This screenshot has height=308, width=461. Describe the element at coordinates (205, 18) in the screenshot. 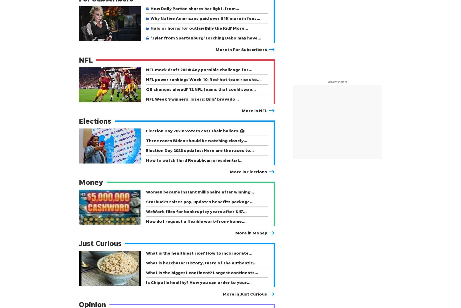

I see `'Why Native Americans paid over $1K more in fees…'` at that location.